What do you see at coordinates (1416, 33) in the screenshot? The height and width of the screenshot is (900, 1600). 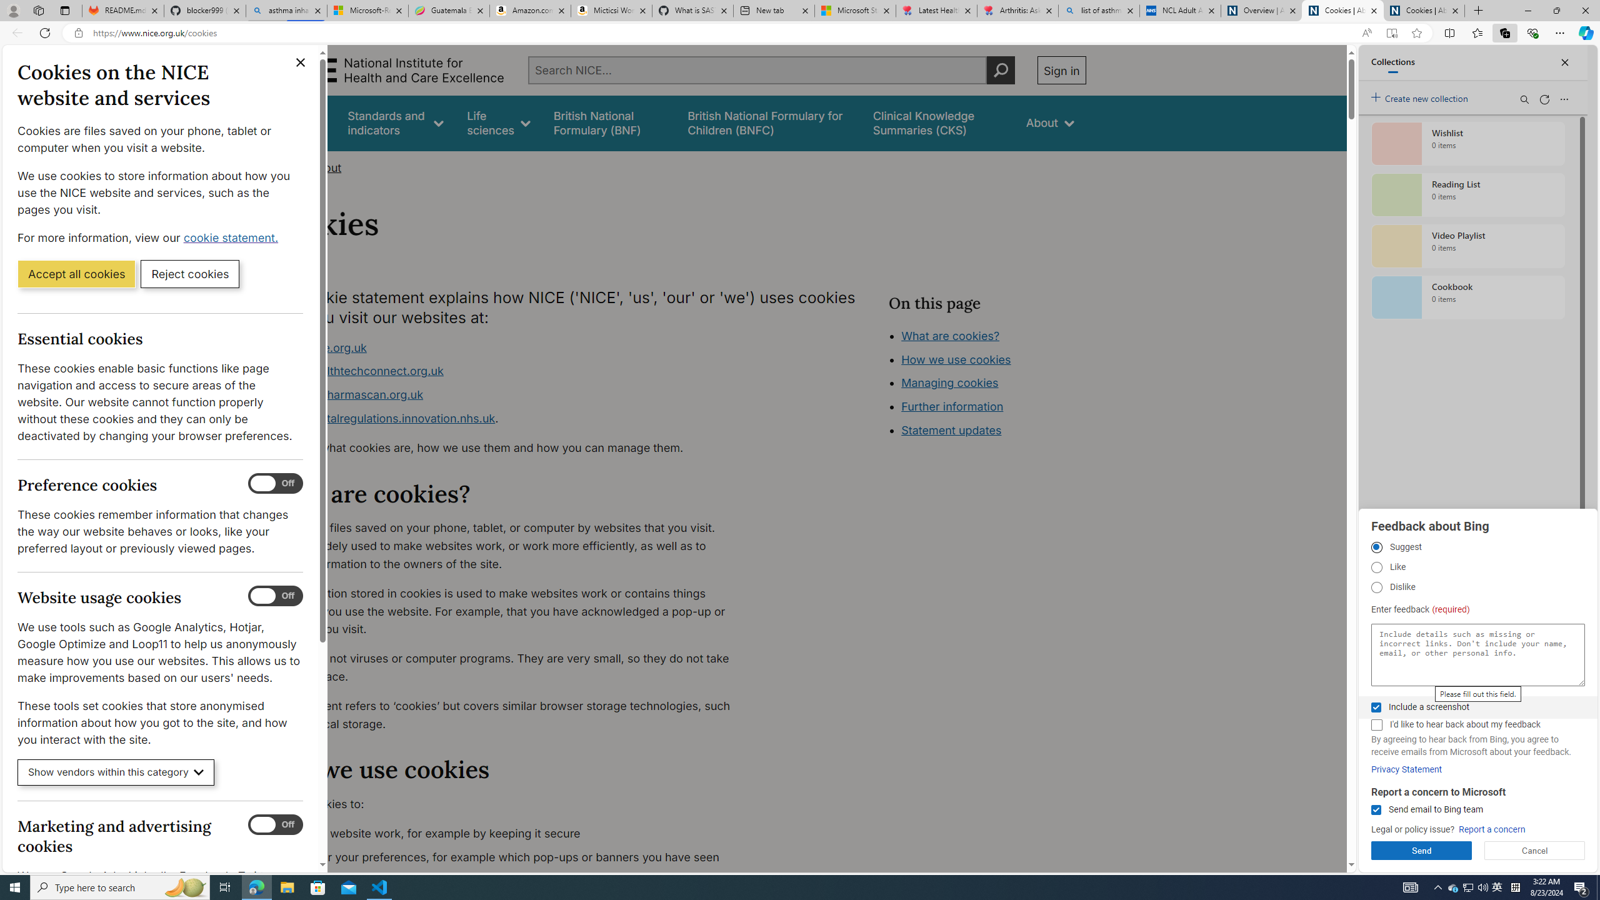 I see `'Add this page to favorites (Ctrl+D)'` at bounding box center [1416, 33].